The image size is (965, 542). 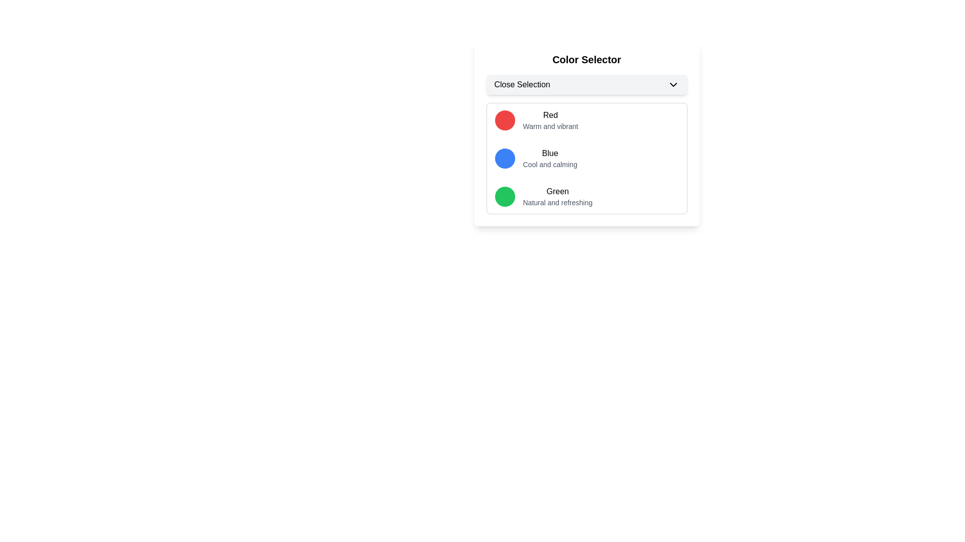 I want to click on the label displaying the name and description for the green color option in the color selection menu, which is the third option in a vertically aligned list under a green circular icon, so click(x=557, y=197).